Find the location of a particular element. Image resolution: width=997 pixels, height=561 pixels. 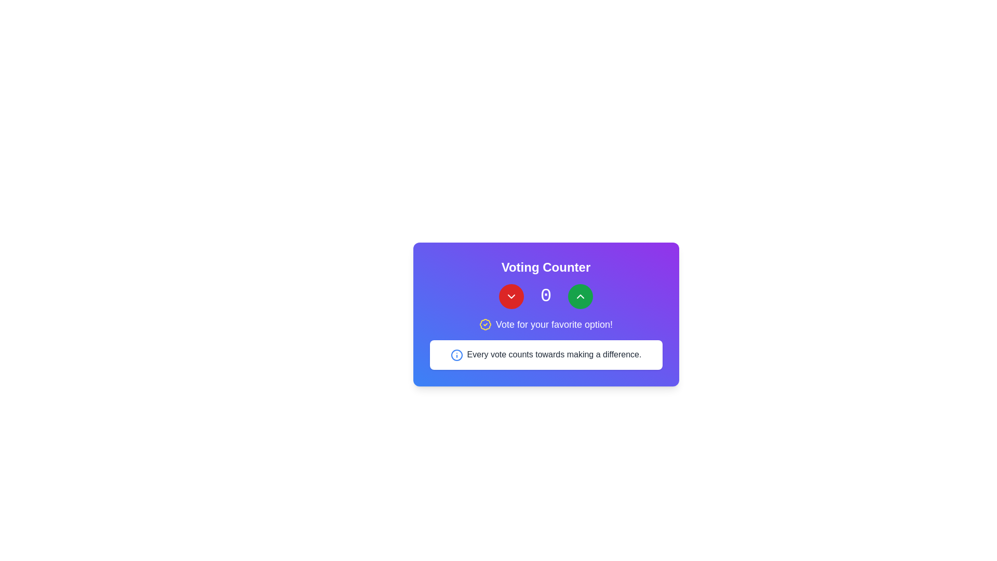

the decorative icon that complements the 'Vote for your favorite option!' text, located within the central voting section of the interface is located at coordinates (484, 324).